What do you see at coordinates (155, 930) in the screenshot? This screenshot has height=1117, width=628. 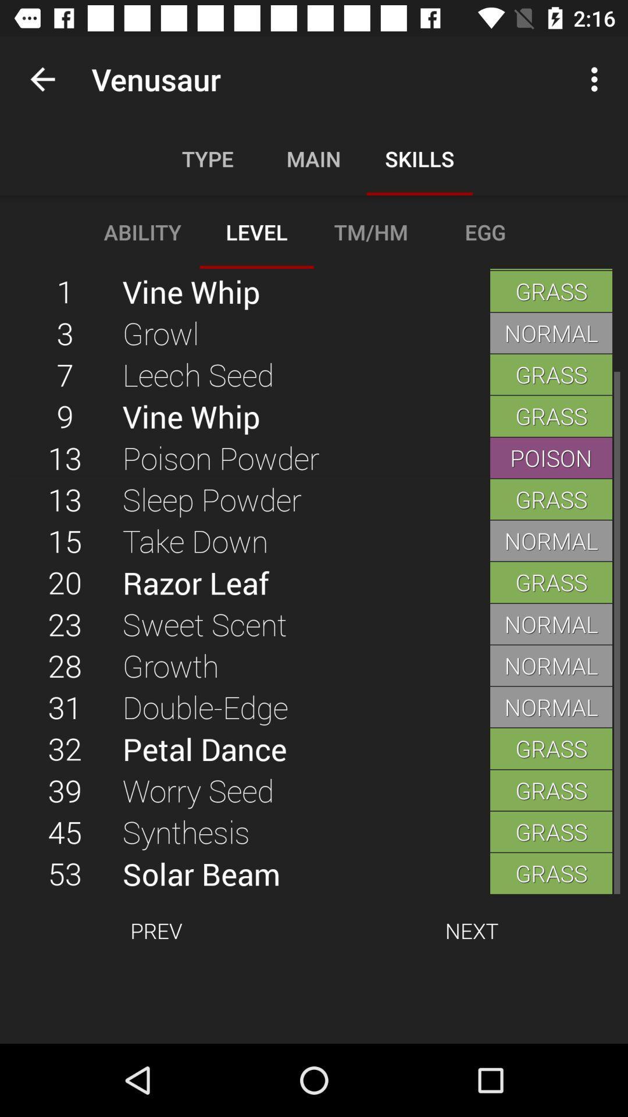 I see `prev icon` at bounding box center [155, 930].